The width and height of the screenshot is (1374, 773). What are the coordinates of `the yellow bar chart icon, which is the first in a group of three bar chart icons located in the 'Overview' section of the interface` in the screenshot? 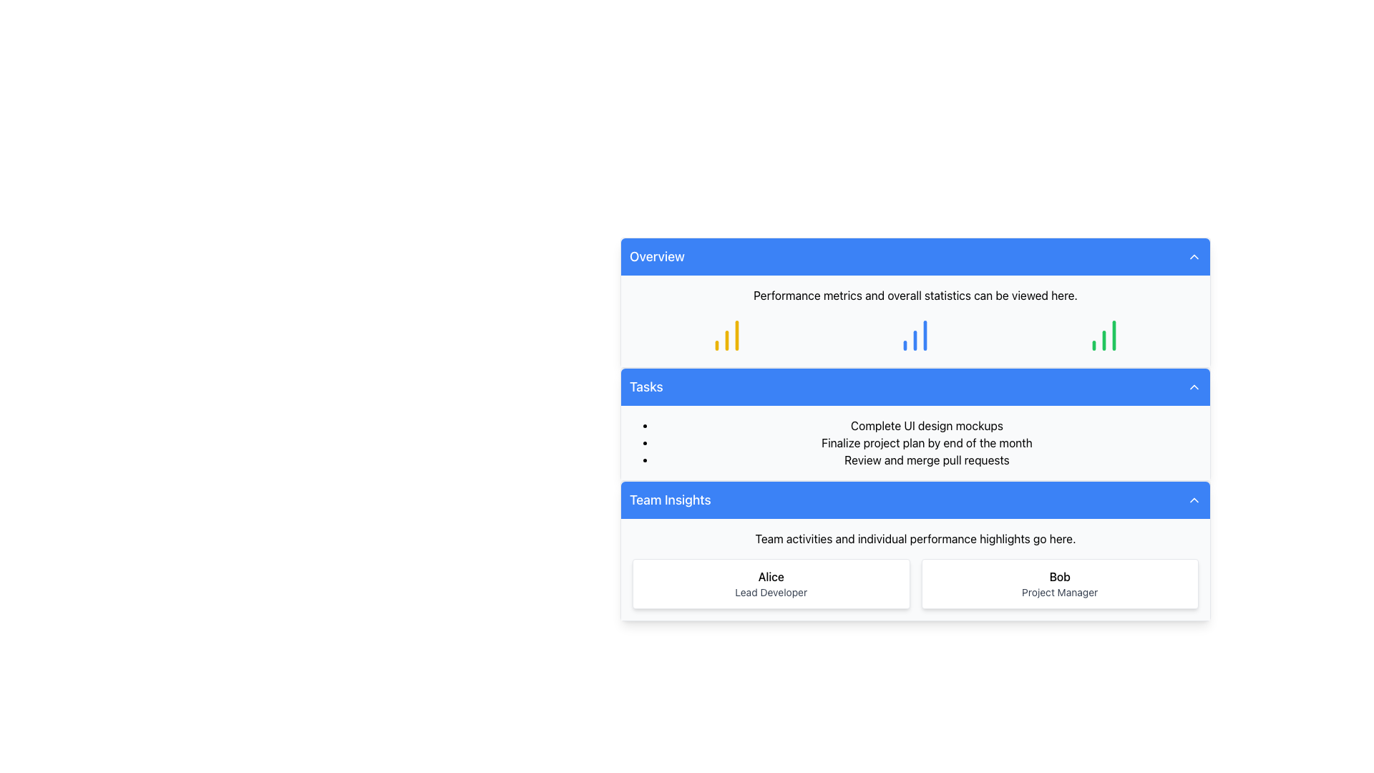 It's located at (726, 336).